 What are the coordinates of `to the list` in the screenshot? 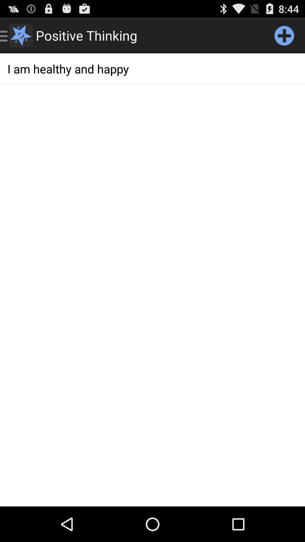 It's located at (284, 35).